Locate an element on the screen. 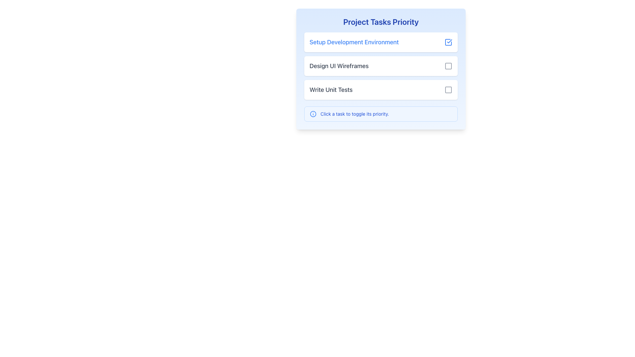 This screenshot has width=635, height=357. the checkbox of the third task in the 'Project Tasks Priority' list, which is an interactive list item with a checkbox for marking task completion is located at coordinates (381, 90).